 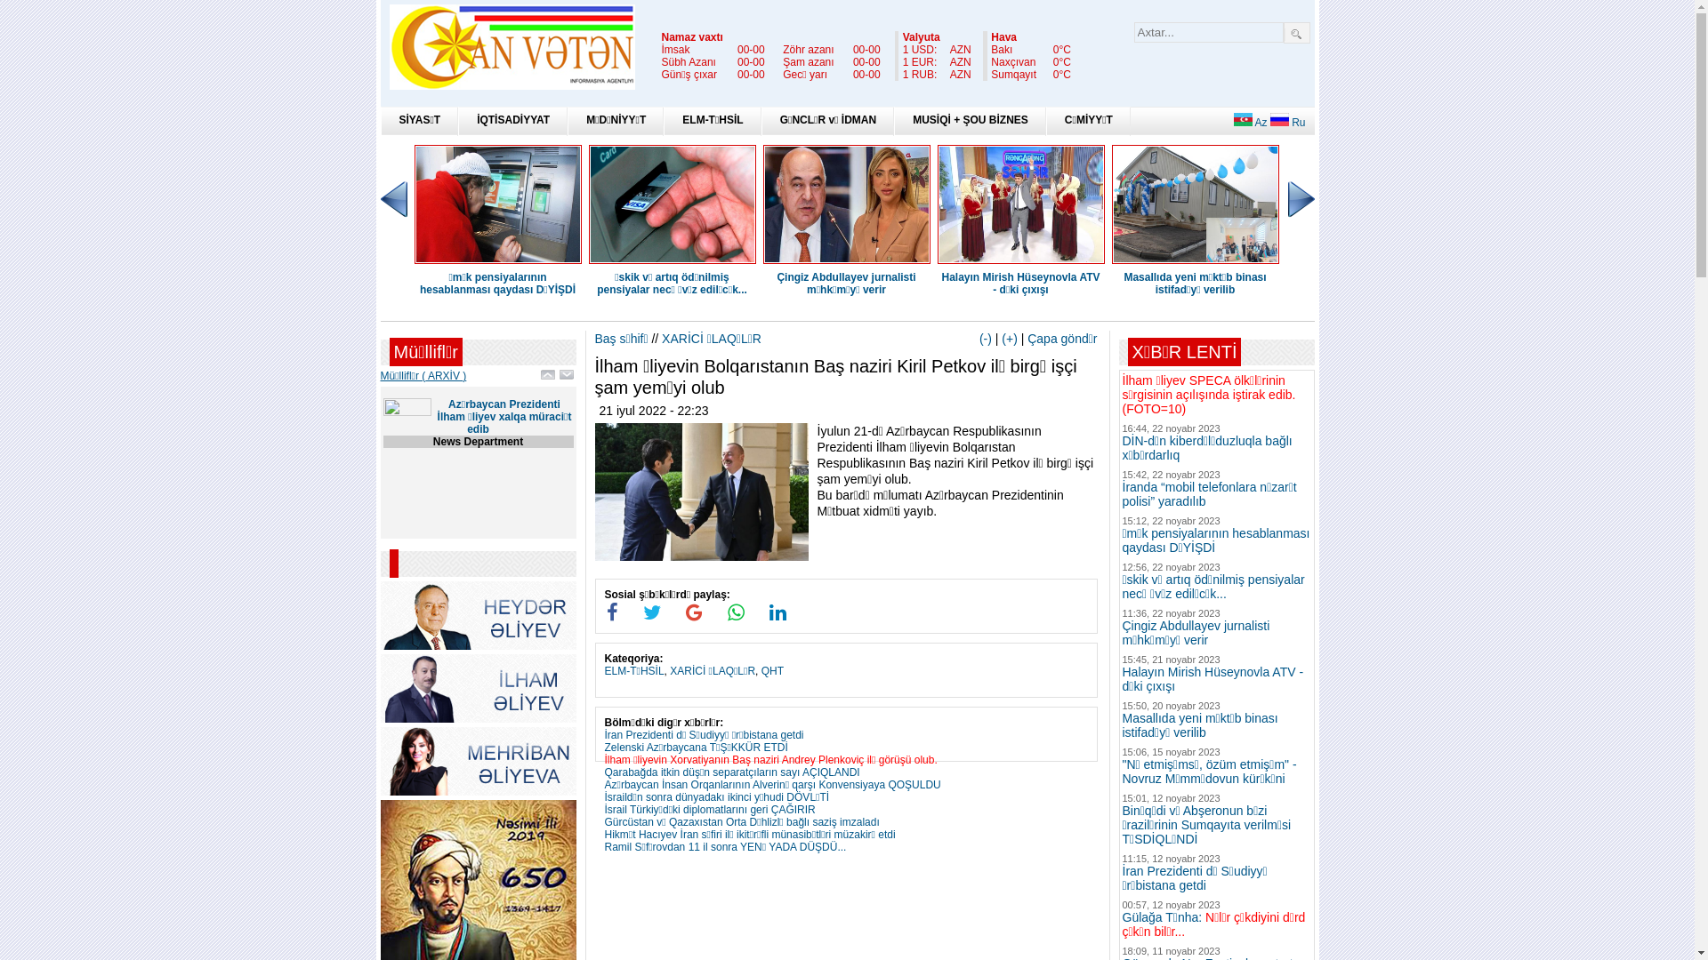 I want to click on 'Ru', so click(x=1288, y=122).